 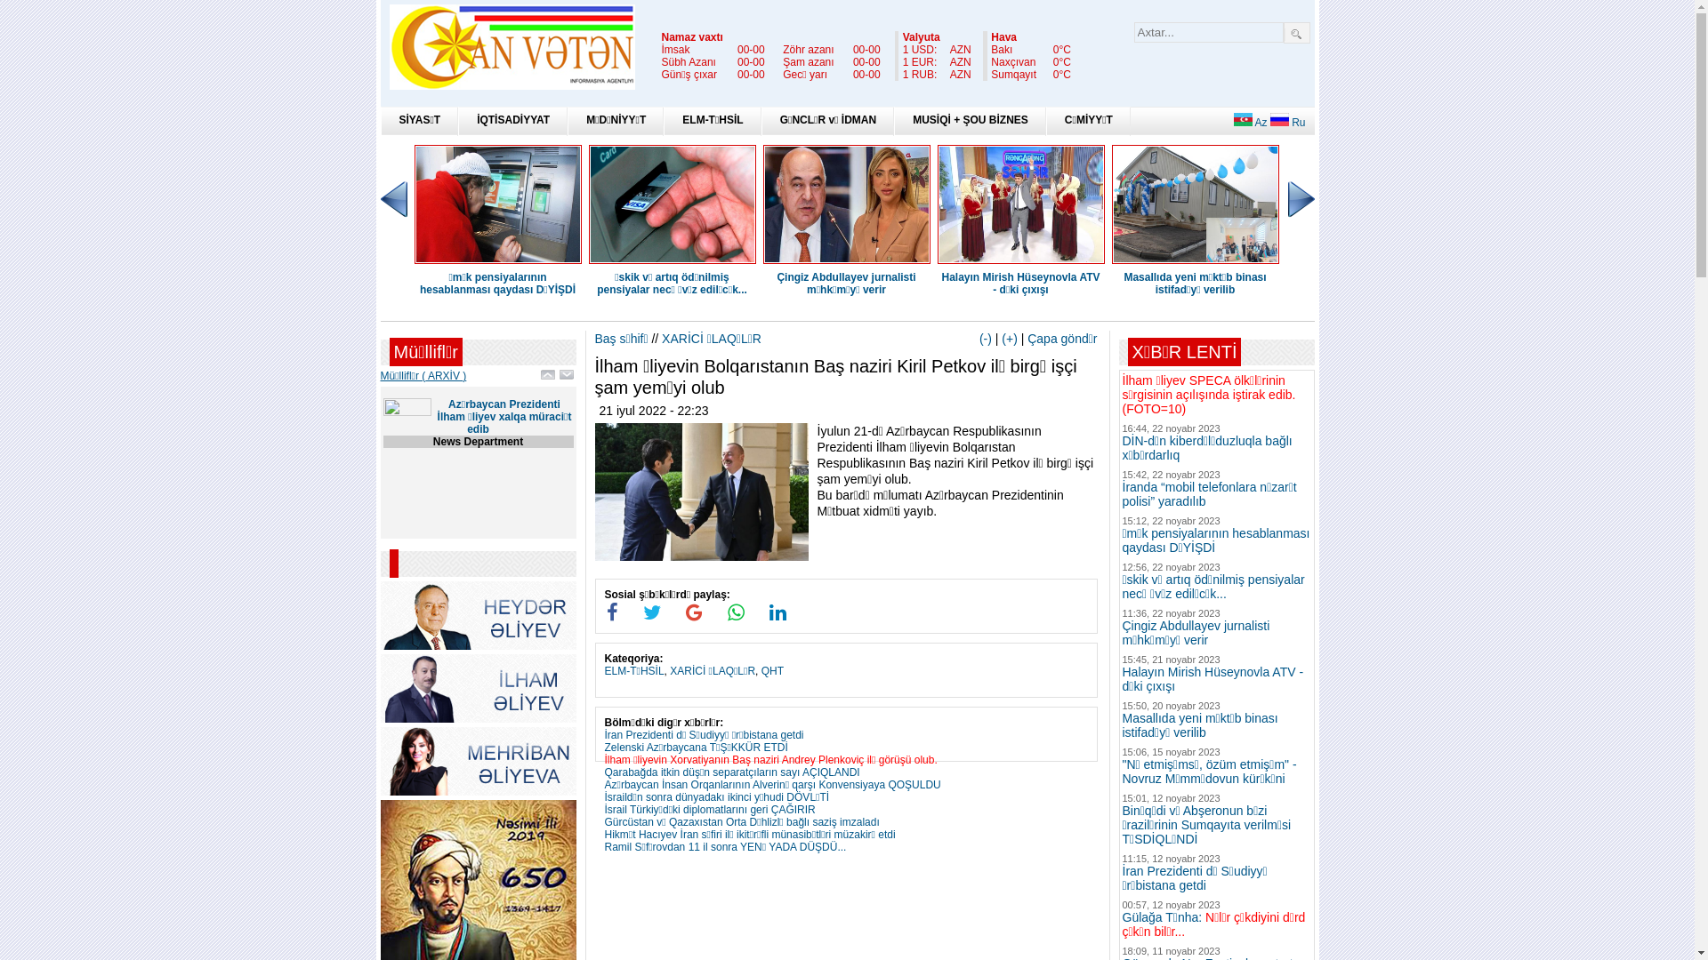 I want to click on 'Ru', so click(x=1288, y=122).